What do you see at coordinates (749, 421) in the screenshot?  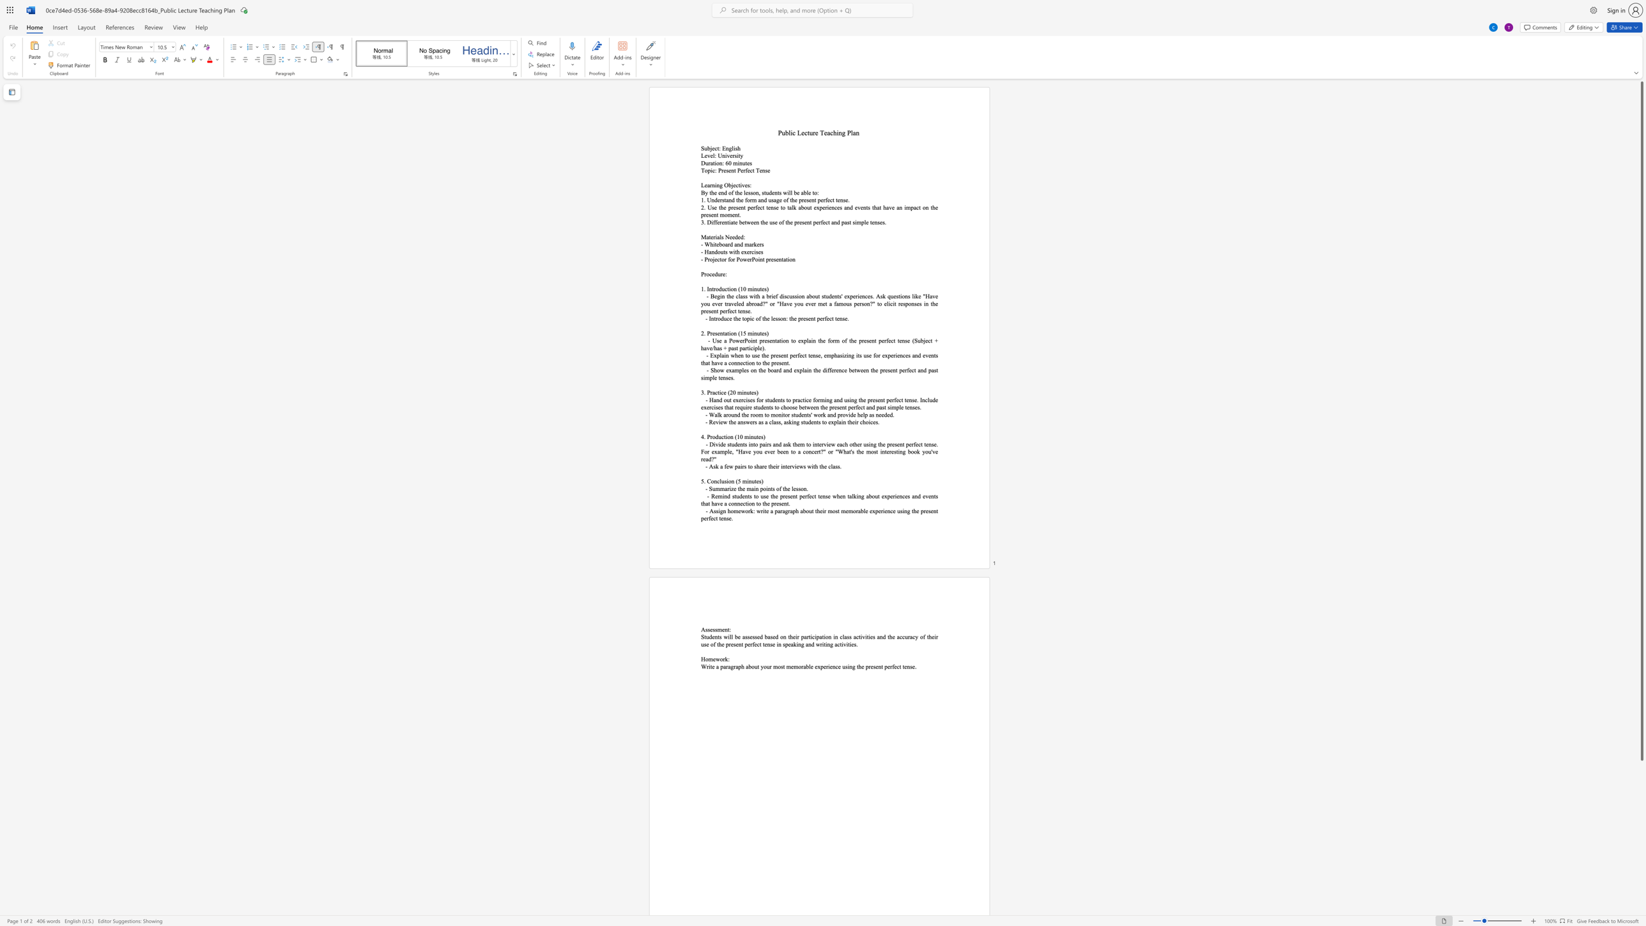 I see `the space between the continuous character "w" and "e" in the text` at bounding box center [749, 421].